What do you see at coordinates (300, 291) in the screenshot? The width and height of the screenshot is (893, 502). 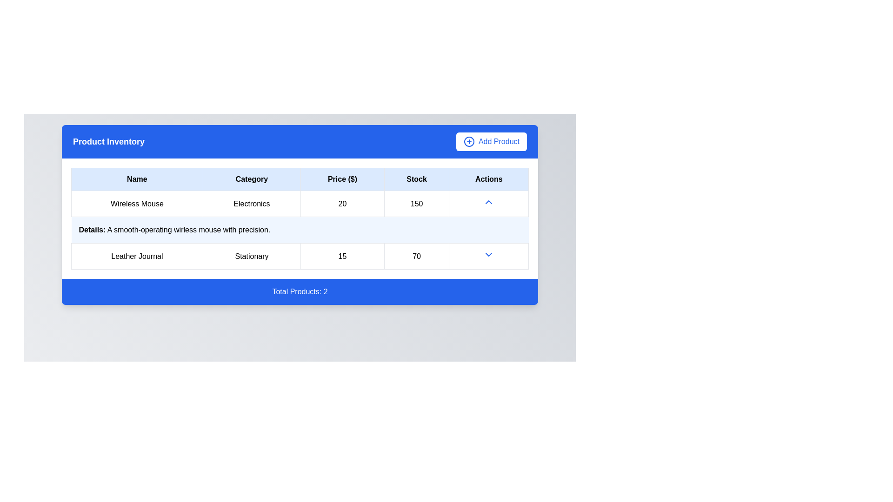 I see `the informational label that displays the total count of products listed in the table, positioned at the bottom of the product card` at bounding box center [300, 291].